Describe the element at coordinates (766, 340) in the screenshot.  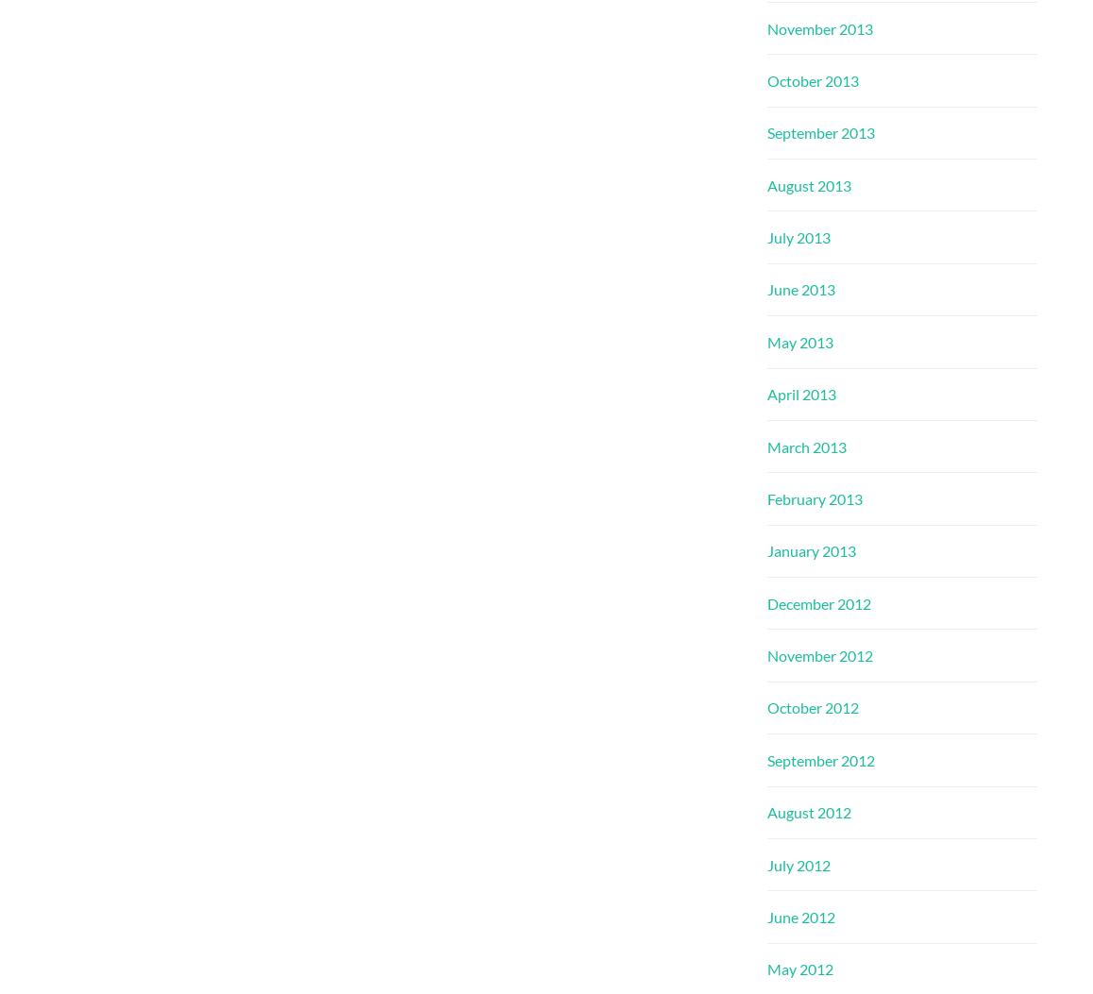
I see `'May 2013'` at that location.